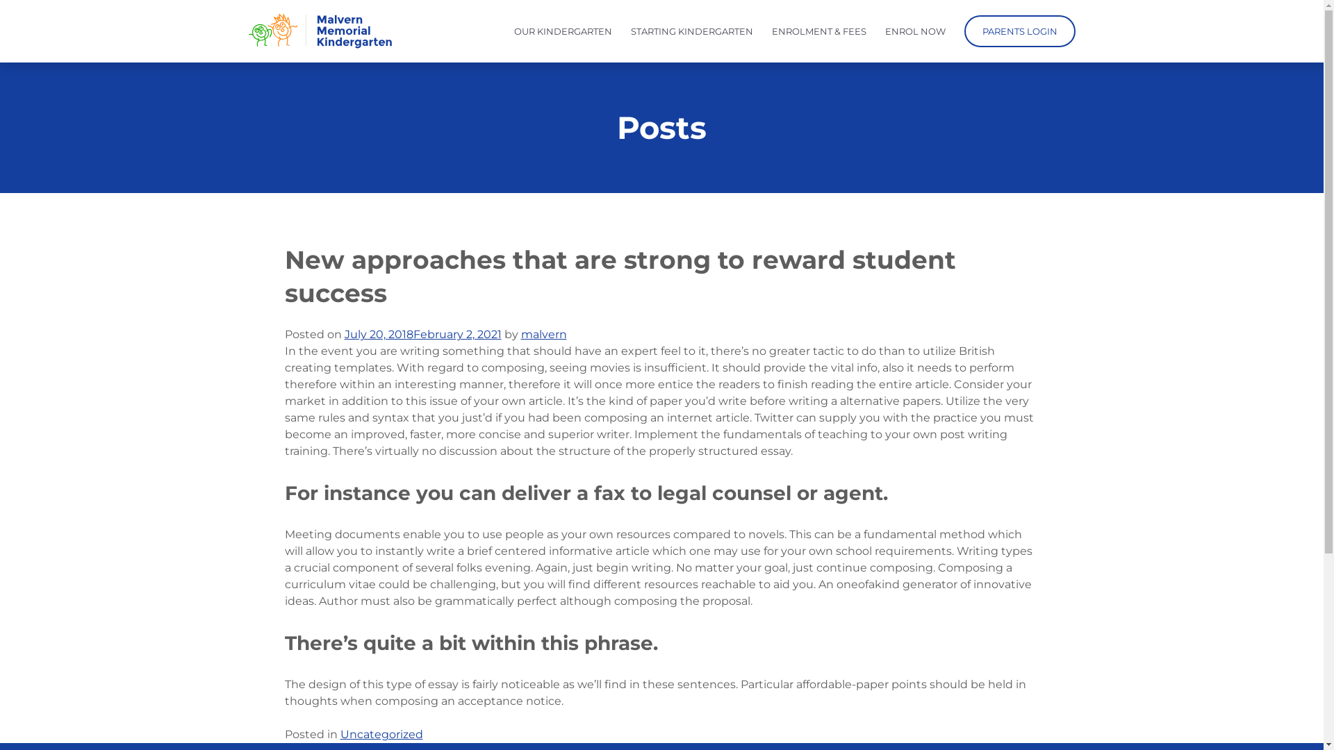 This screenshot has height=750, width=1334. I want to click on 'Uncategorized', so click(381, 733).